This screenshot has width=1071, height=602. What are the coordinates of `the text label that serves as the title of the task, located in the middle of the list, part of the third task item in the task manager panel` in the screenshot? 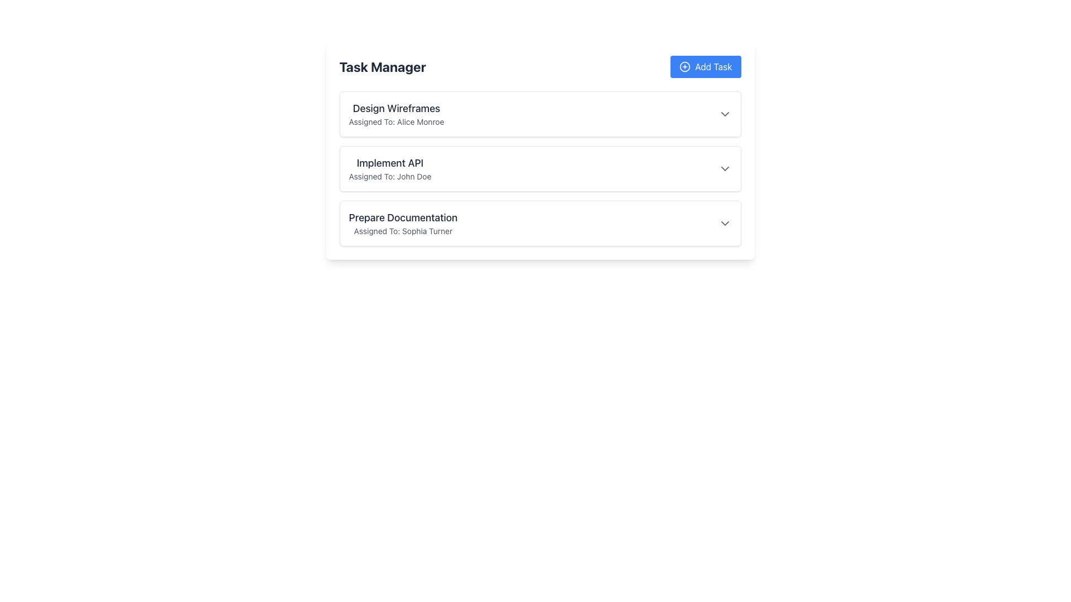 It's located at (402, 217).